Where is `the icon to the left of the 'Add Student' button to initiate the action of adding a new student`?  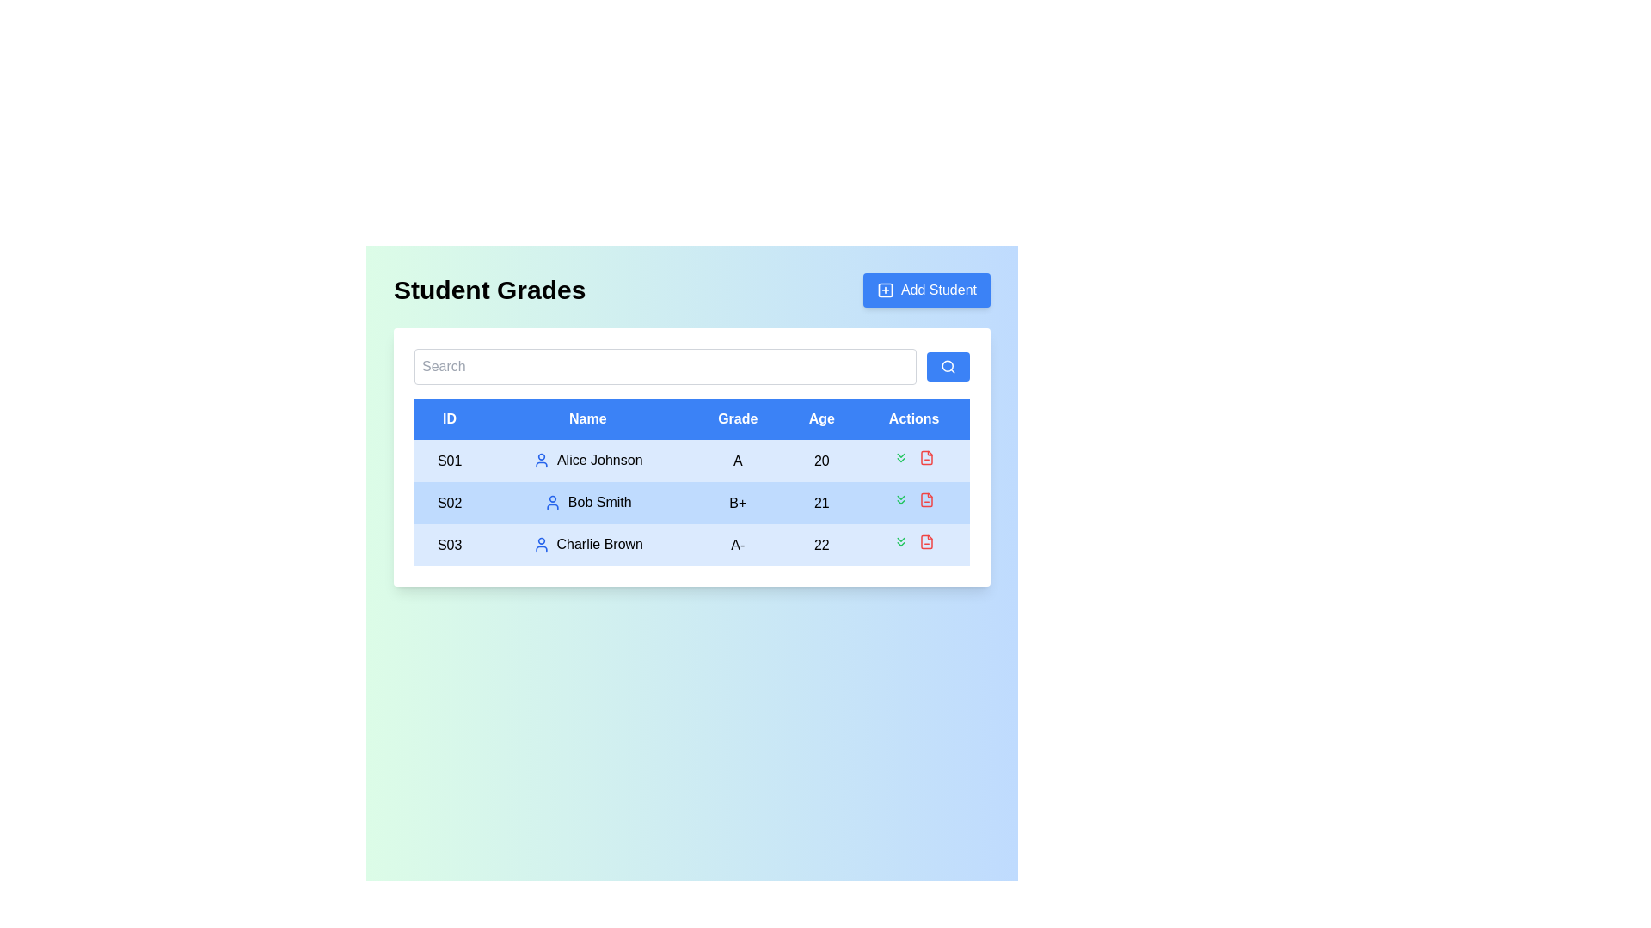
the icon to the left of the 'Add Student' button to initiate the action of adding a new student is located at coordinates (885, 290).